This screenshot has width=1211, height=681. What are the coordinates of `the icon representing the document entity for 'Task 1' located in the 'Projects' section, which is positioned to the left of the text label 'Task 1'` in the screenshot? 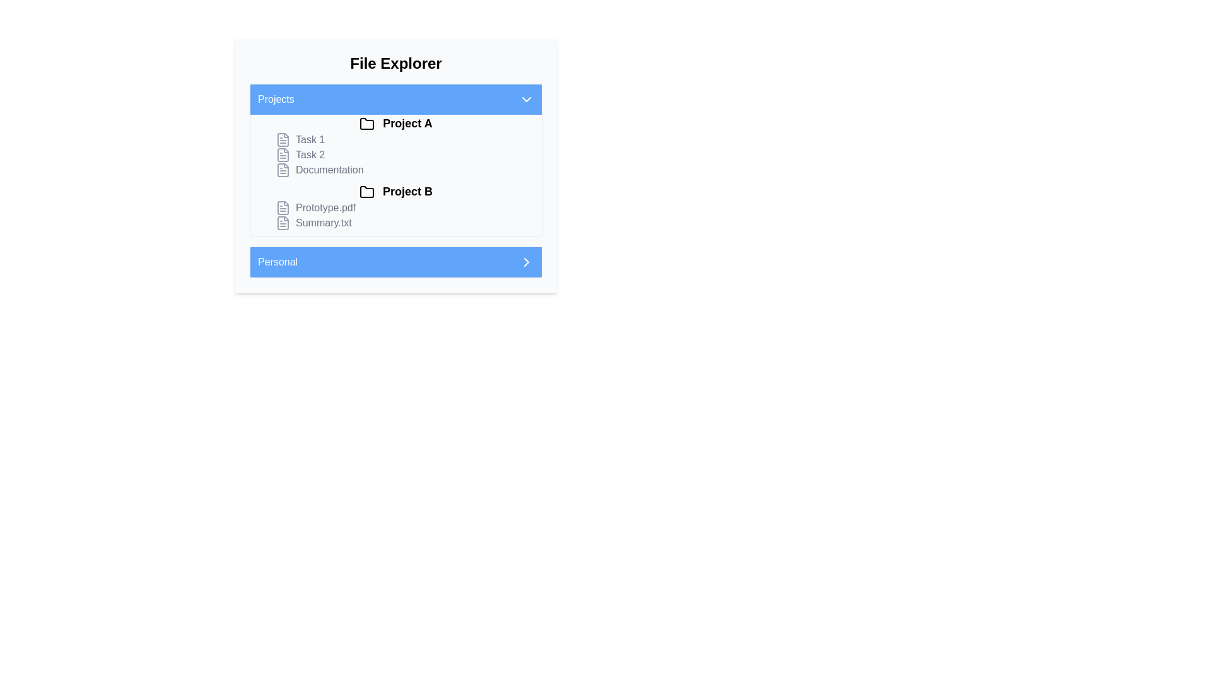 It's located at (283, 140).